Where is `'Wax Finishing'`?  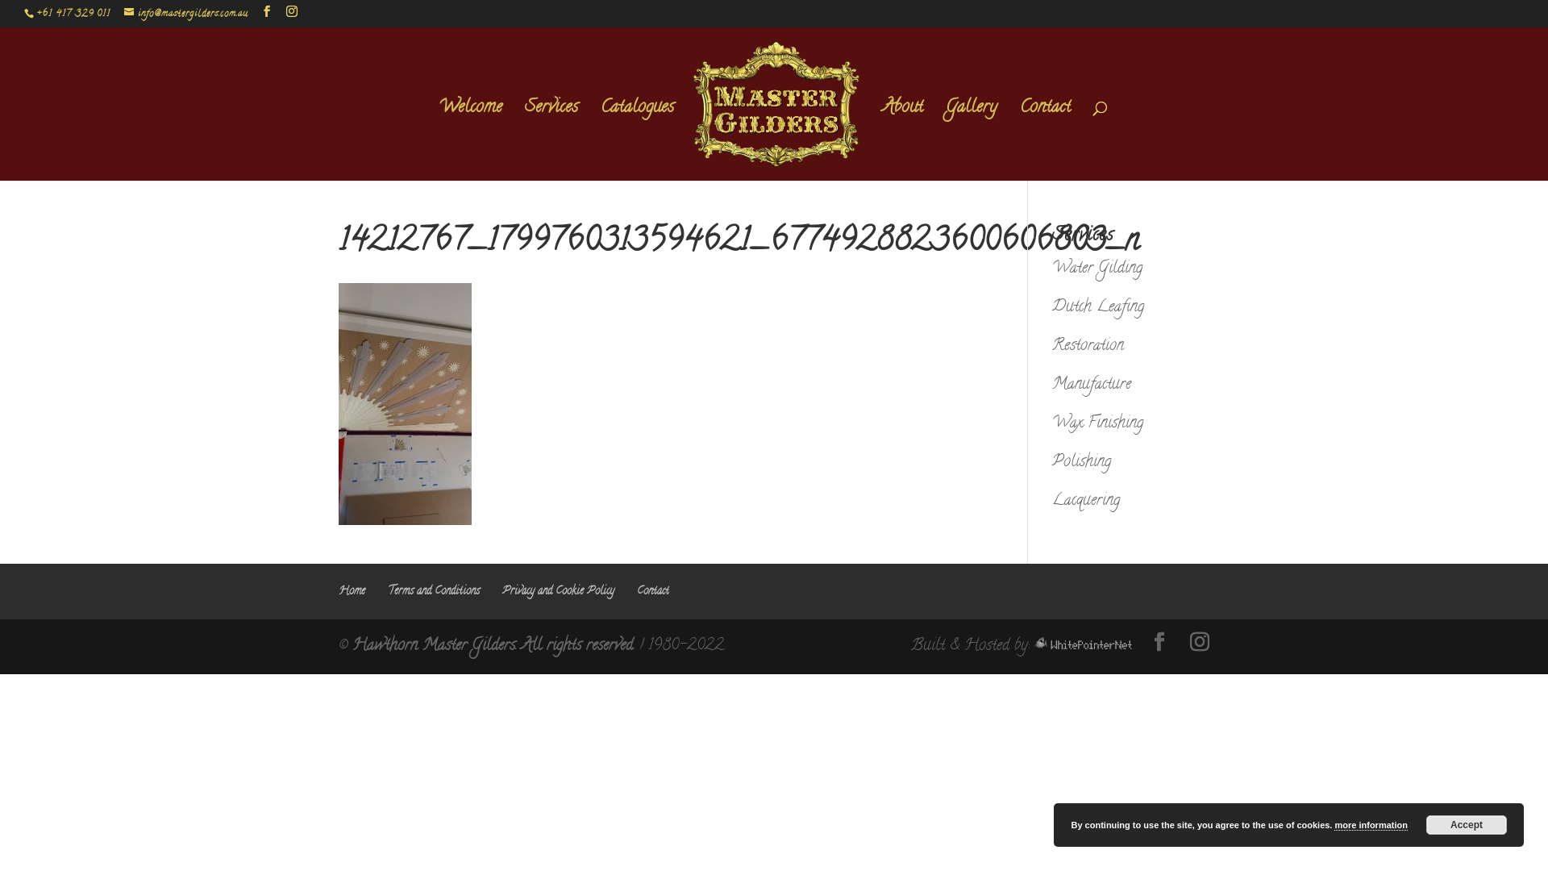
'Wax Finishing' is located at coordinates (1052, 423).